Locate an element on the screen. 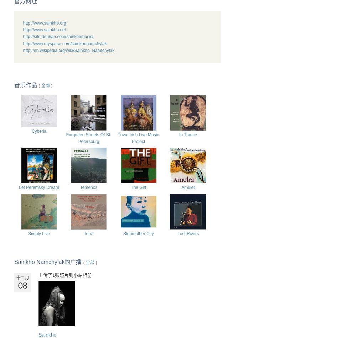 Image resolution: width=342 pixels, height=338 pixels. 'Tuva: Irish Live Music Project' is located at coordinates (138, 137).